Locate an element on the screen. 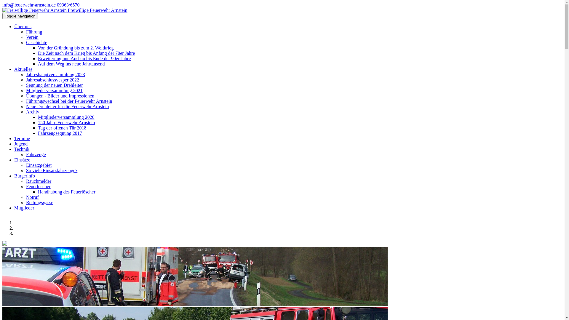  'Rauchmelder' is located at coordinates (38, 181).